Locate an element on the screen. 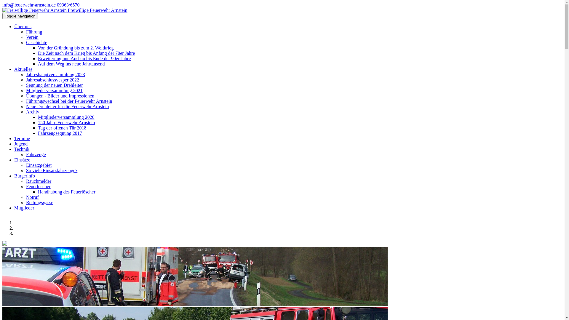  'Rauchmelder' is located at coordinates (38, 181).